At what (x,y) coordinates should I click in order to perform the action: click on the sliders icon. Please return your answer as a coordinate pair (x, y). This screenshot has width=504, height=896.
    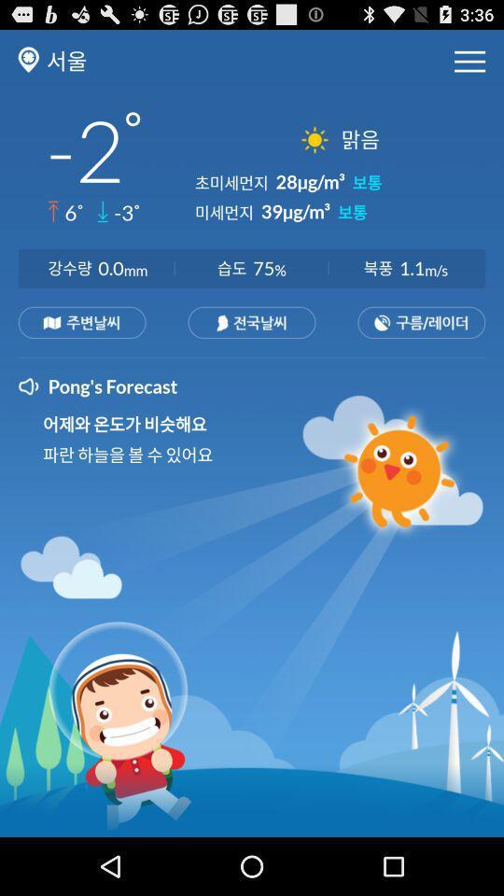
    Looking at the image, I should click on (81, 343).